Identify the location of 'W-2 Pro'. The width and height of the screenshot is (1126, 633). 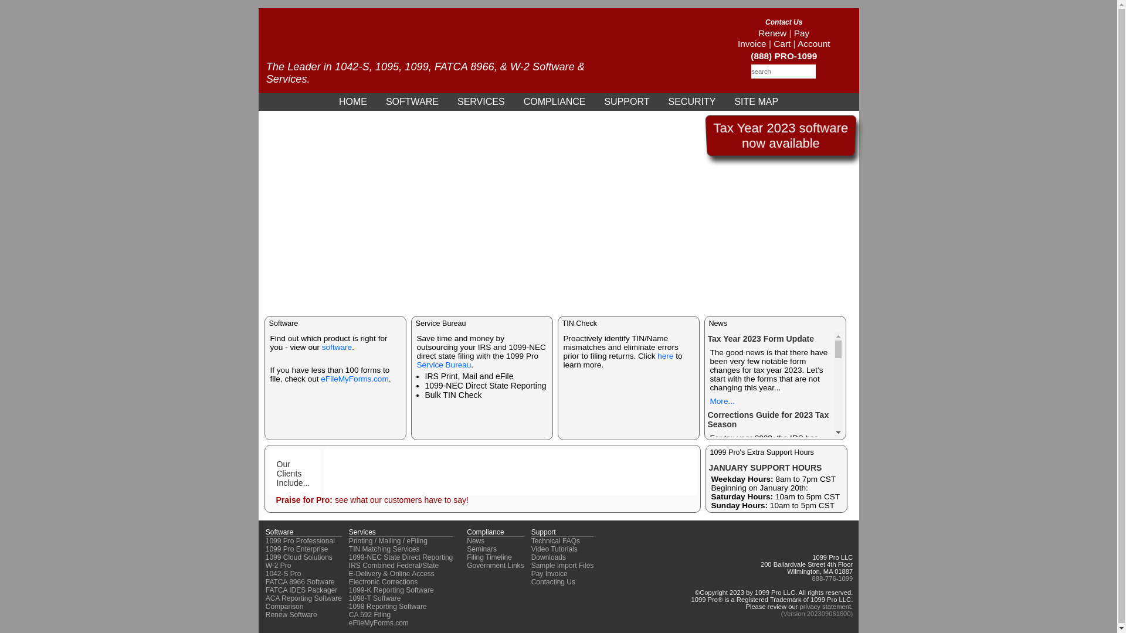
(278, 564).